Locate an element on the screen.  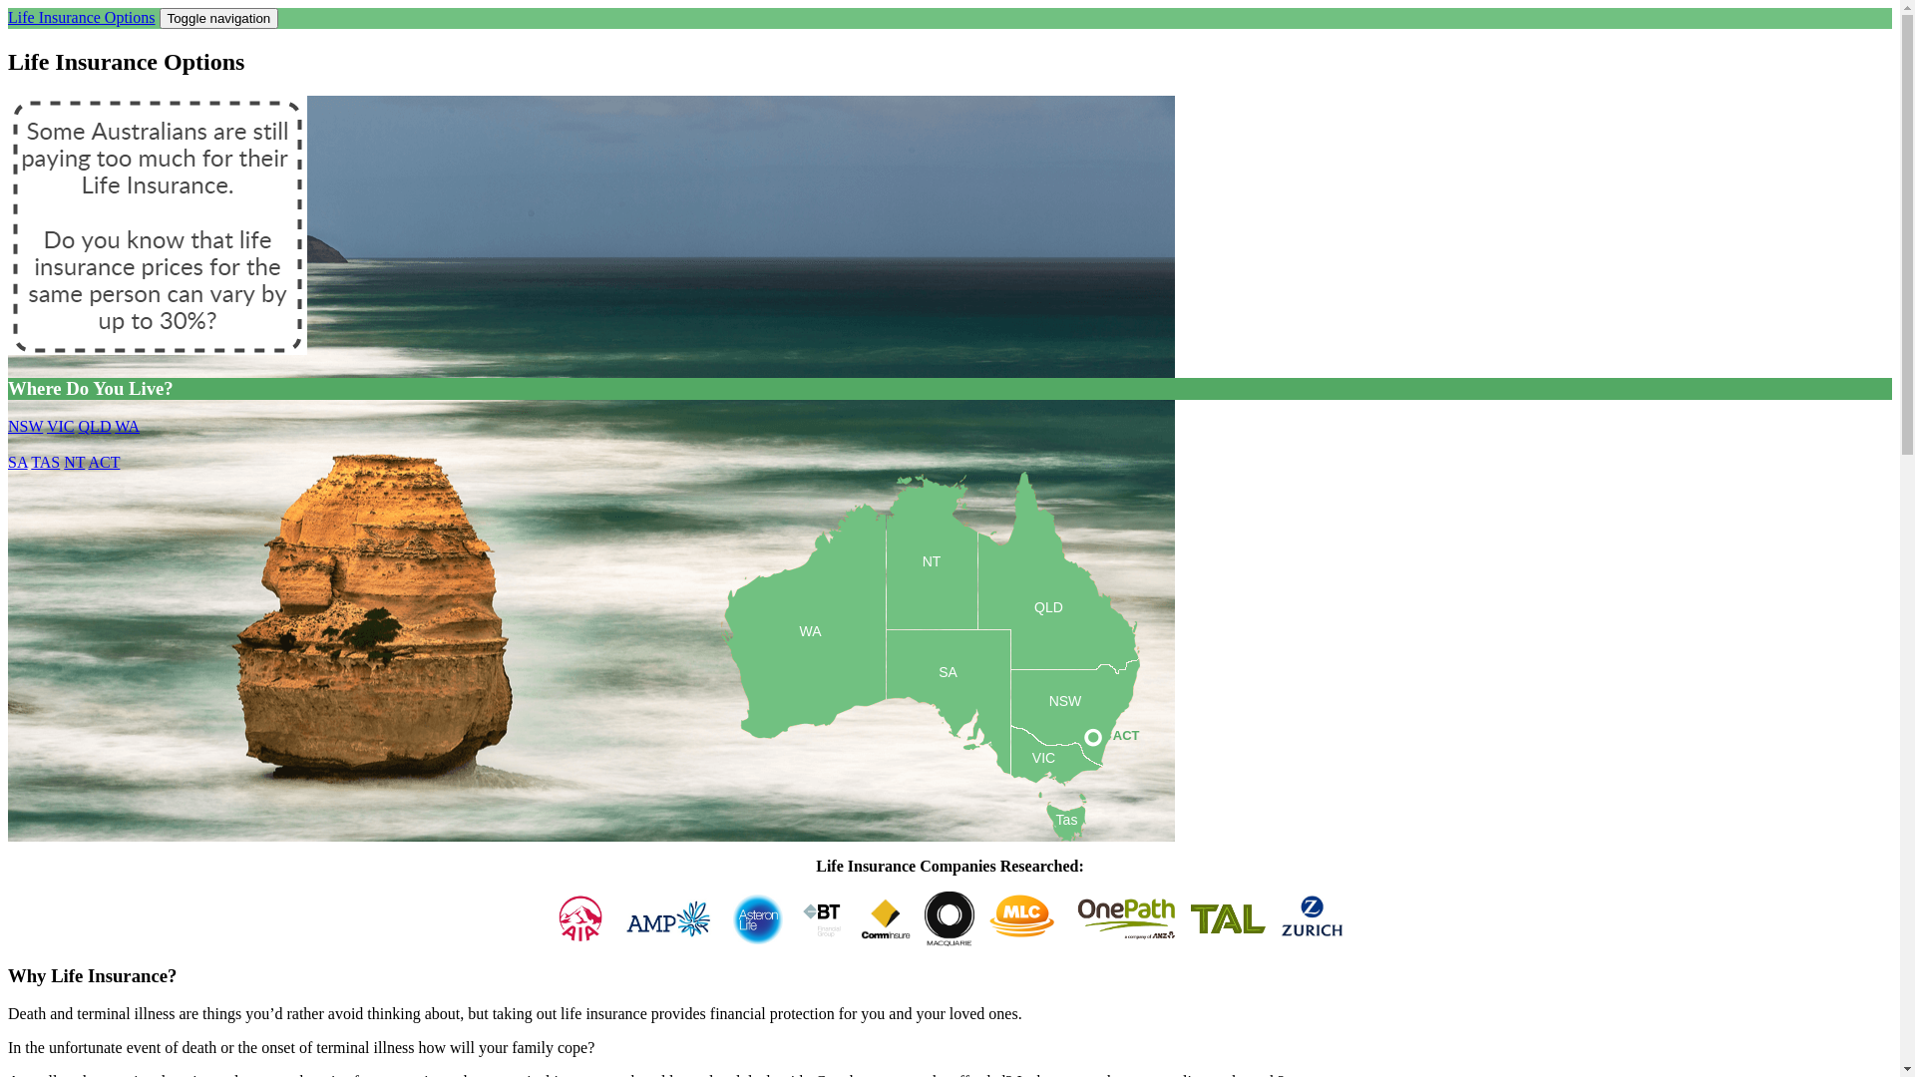
'WA' is located at coordinates (802, 679).